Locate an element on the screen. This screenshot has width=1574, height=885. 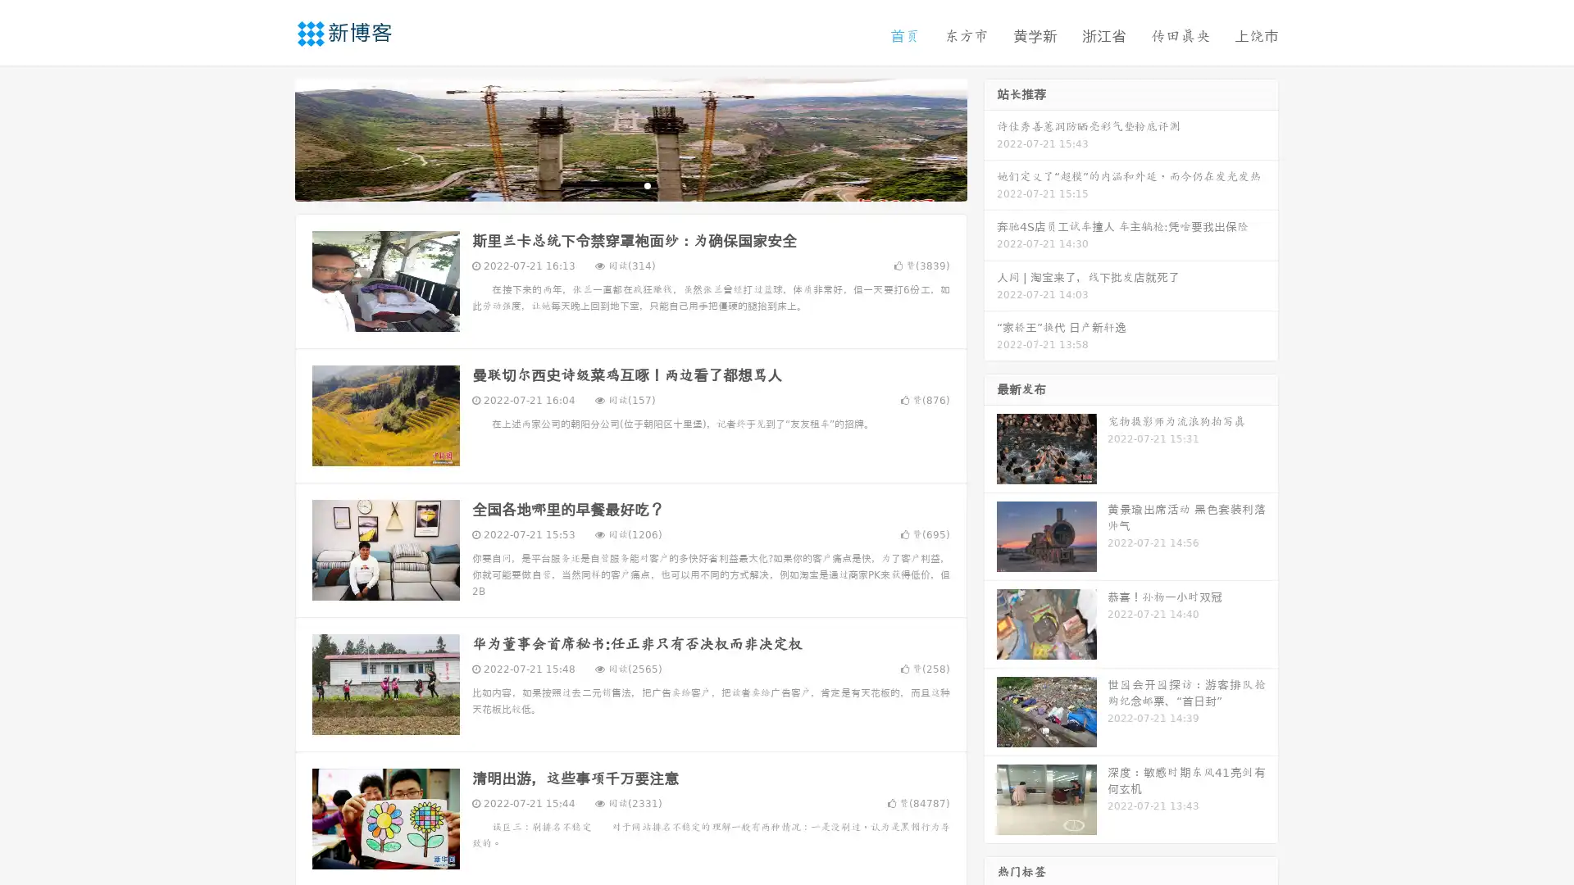
Go to slide 1 is located at coordinates (613, 184).